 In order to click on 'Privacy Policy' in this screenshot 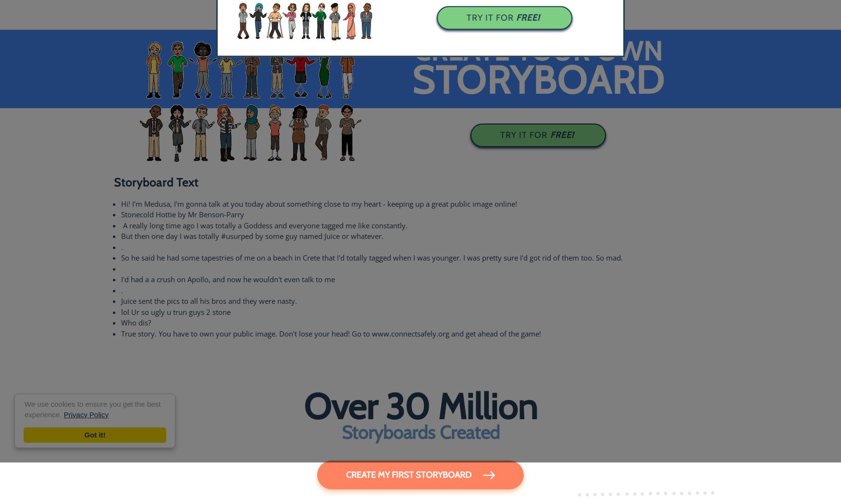, I will do `click(86, 414)`.